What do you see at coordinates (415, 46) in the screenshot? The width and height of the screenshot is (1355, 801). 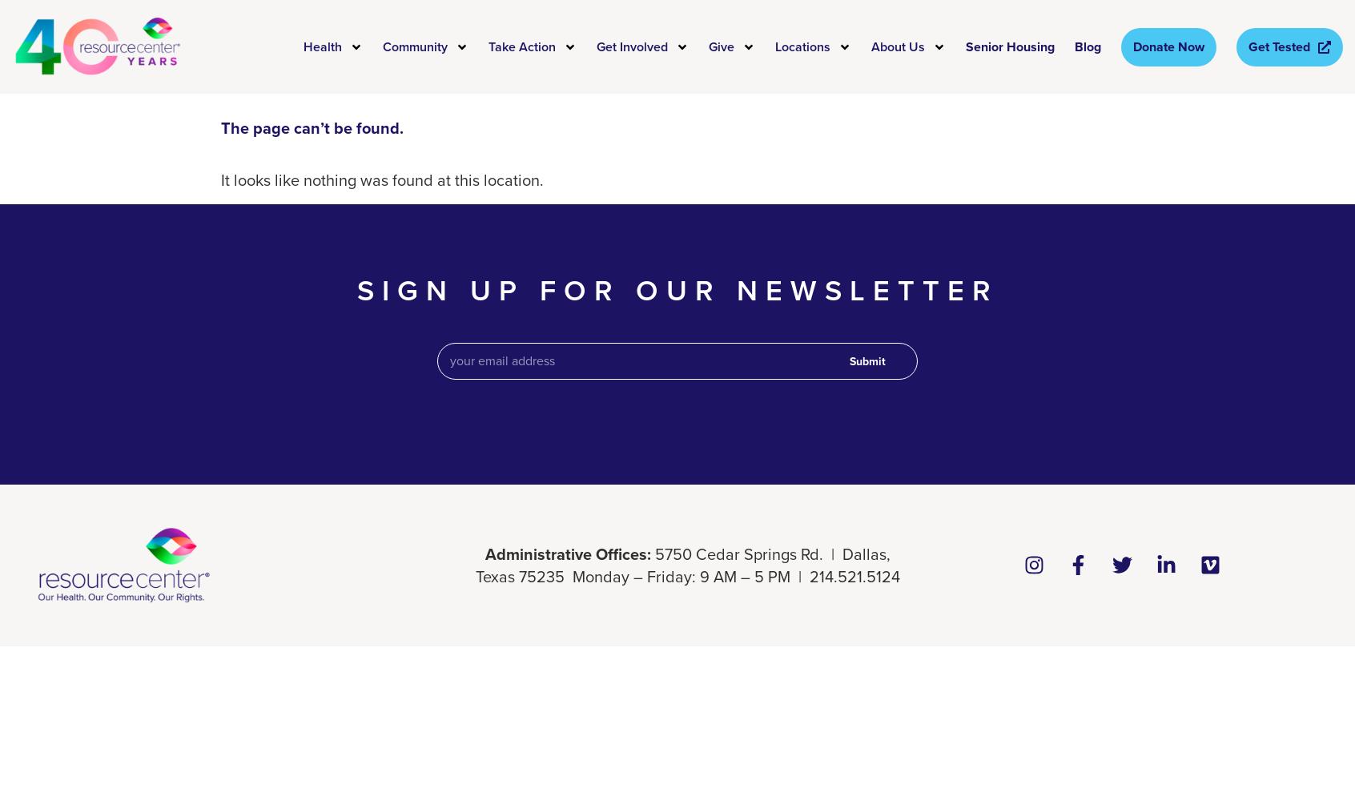 I see `'Community'` at bounding box center [415, 46].